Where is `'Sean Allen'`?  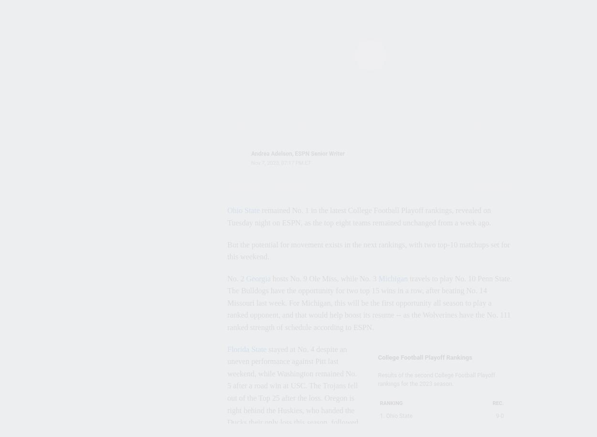 'Sean Allen' is located at coordinates (96, 120).